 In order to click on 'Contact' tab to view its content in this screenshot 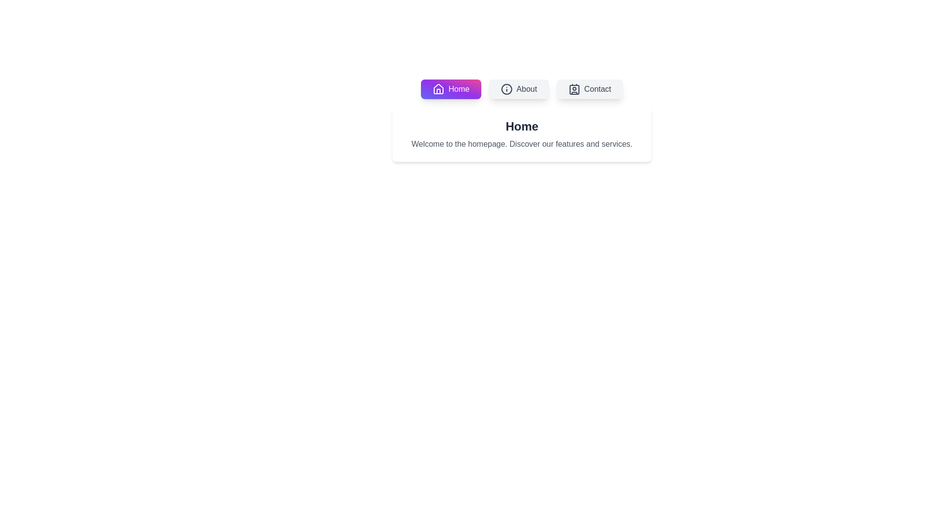, I will do `click(589, 89)`.